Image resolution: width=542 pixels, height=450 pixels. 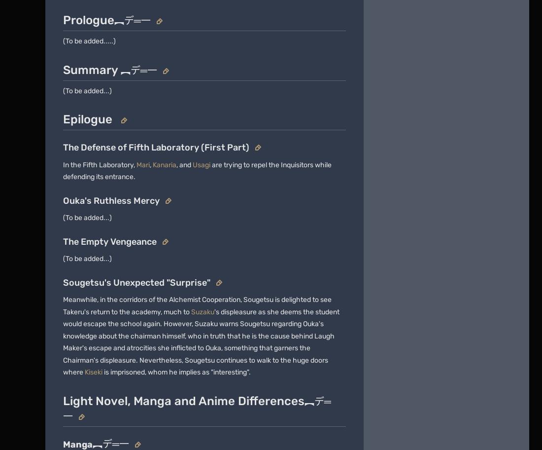 I want to click on 'Global Sitemap', so click(x=192, y=243).